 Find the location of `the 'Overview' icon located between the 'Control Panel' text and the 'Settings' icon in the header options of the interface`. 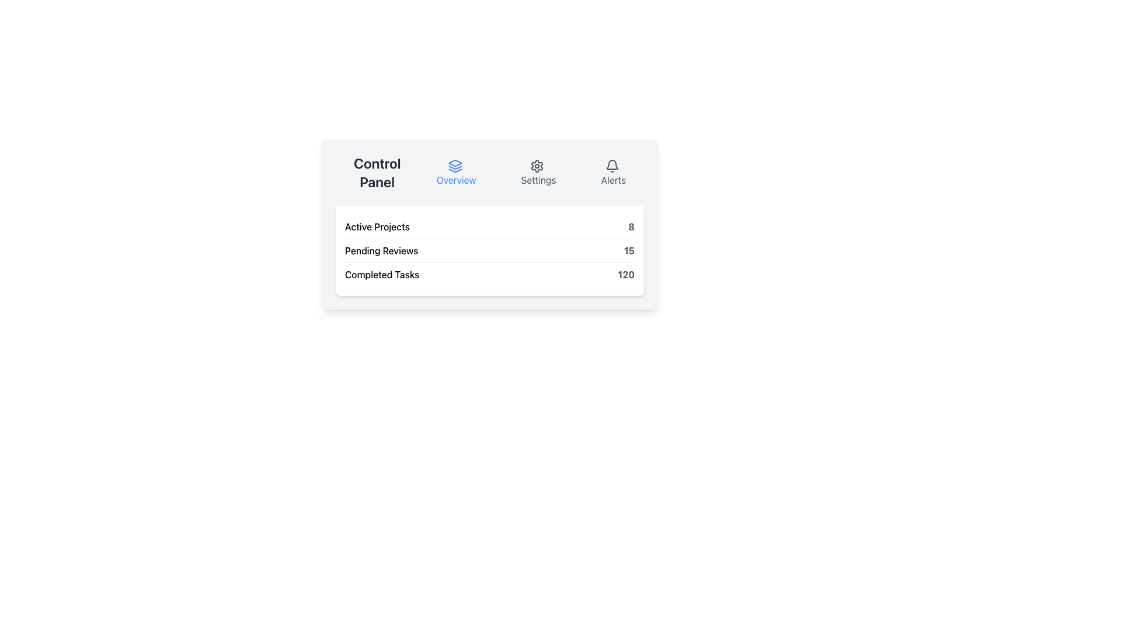

the 'Overview' icon located between the 'Control Panel' text and the 'Settings' icon in the header options of the interface is located at coordinates (454, 166).